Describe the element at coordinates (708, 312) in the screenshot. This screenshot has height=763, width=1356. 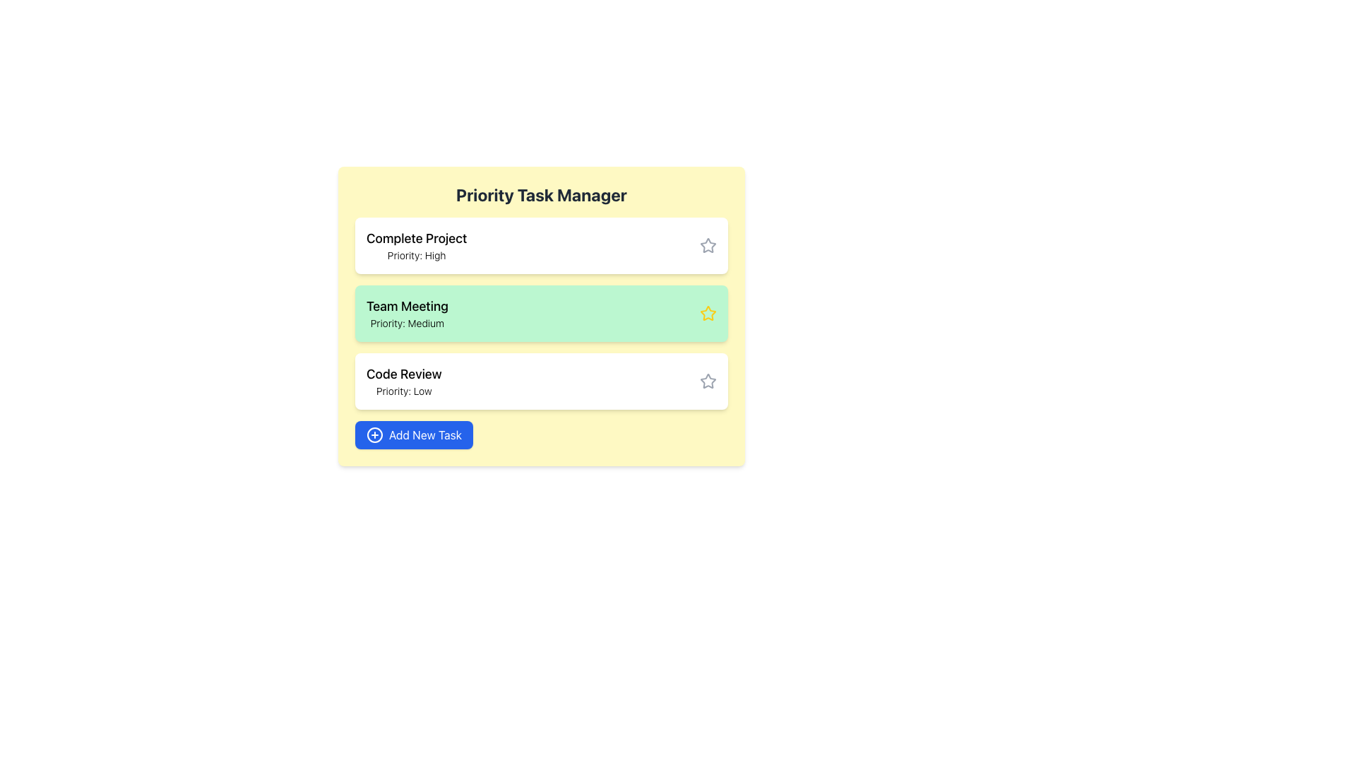
I see `the yellow star-shaped icon with a hollow center located to the right of 'Team Meeting' and 'Priority: Medium' in the task management interface` at that location.